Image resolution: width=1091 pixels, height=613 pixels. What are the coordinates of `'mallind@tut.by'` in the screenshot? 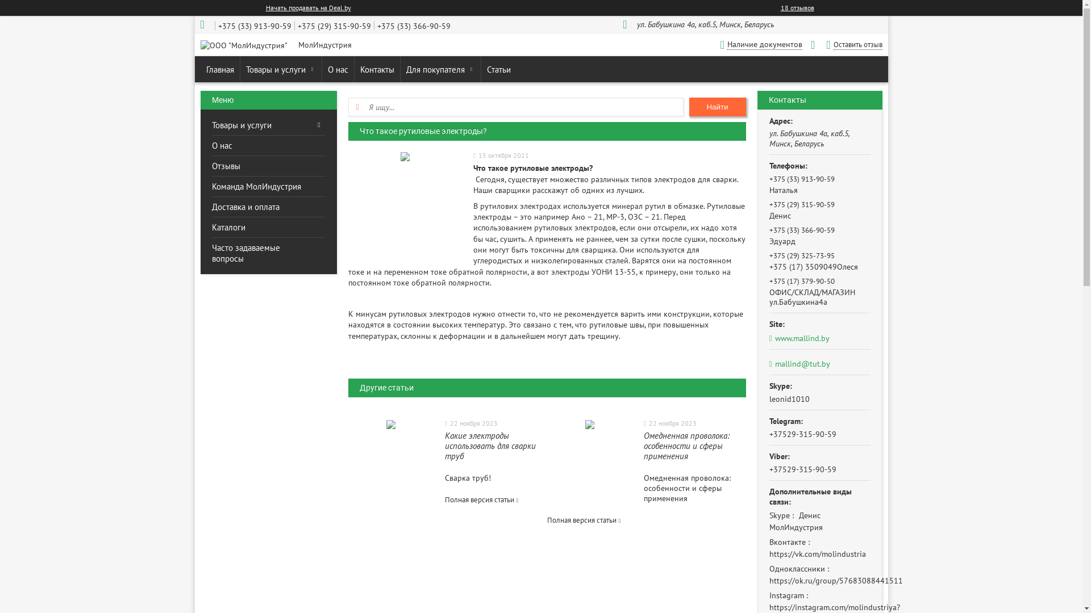 It's located at (799, 363).